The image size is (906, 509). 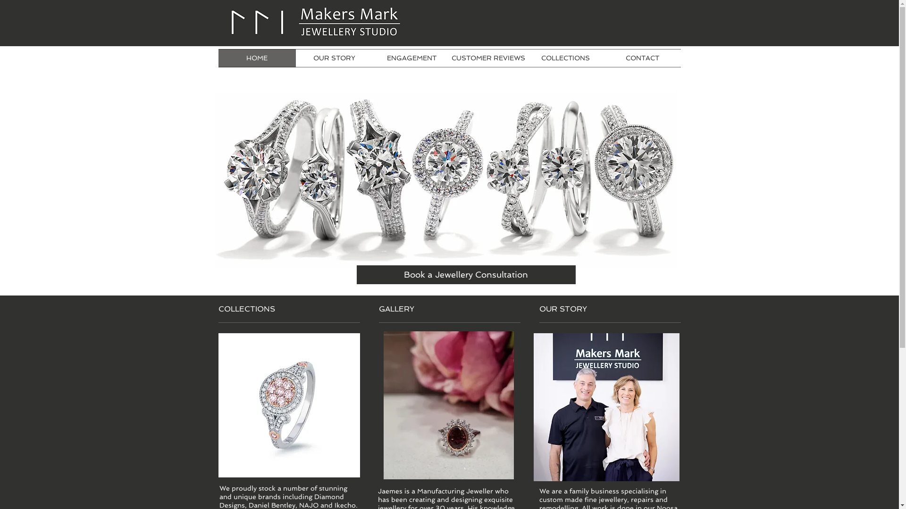 I want to click on '11102779_1571066359815288_2717727257295022602_n.jpg', so click(x=606, y=407).